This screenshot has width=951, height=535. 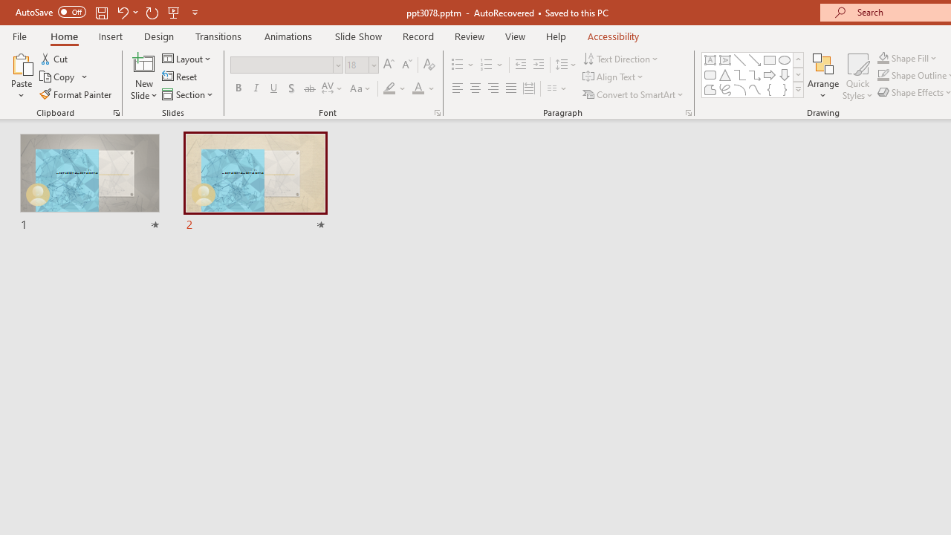 What do you see at coordinates (784, 74) in the screenshot?
I see `'Arrow: Down'` at bounding box center [784, 74].